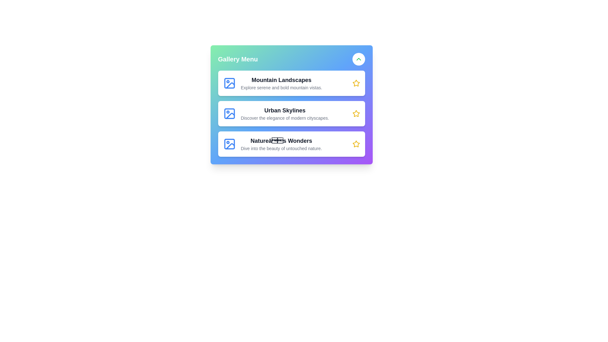 This screenshot has height=342, width=608. I want to click on the star icon corresponding to the gallery item Mountain Landscapes to mark it as a favorite, so click(356, 83).